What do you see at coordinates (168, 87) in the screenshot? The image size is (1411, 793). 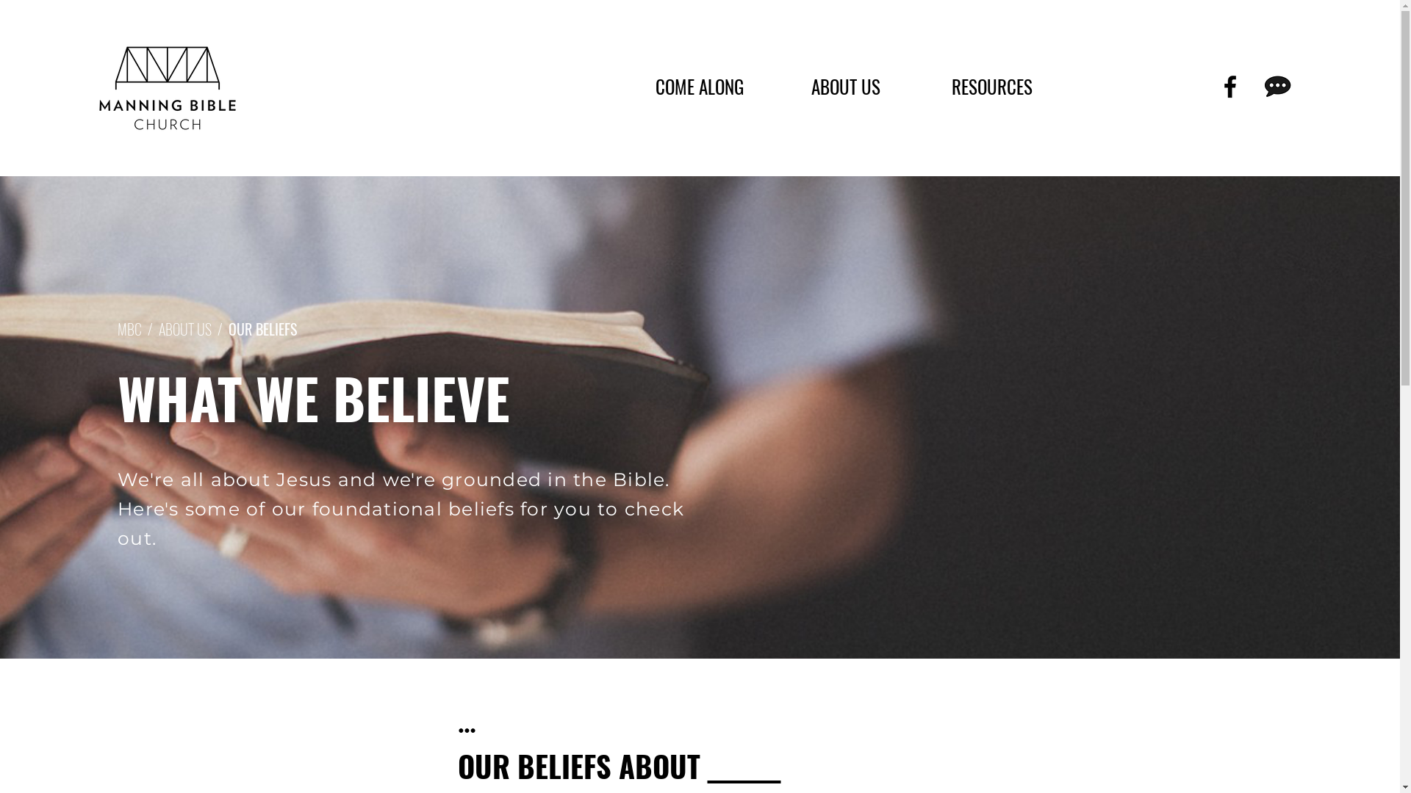 I see `'MBC-Logo-Black Wix.png'` at bounding box center [168, 87].